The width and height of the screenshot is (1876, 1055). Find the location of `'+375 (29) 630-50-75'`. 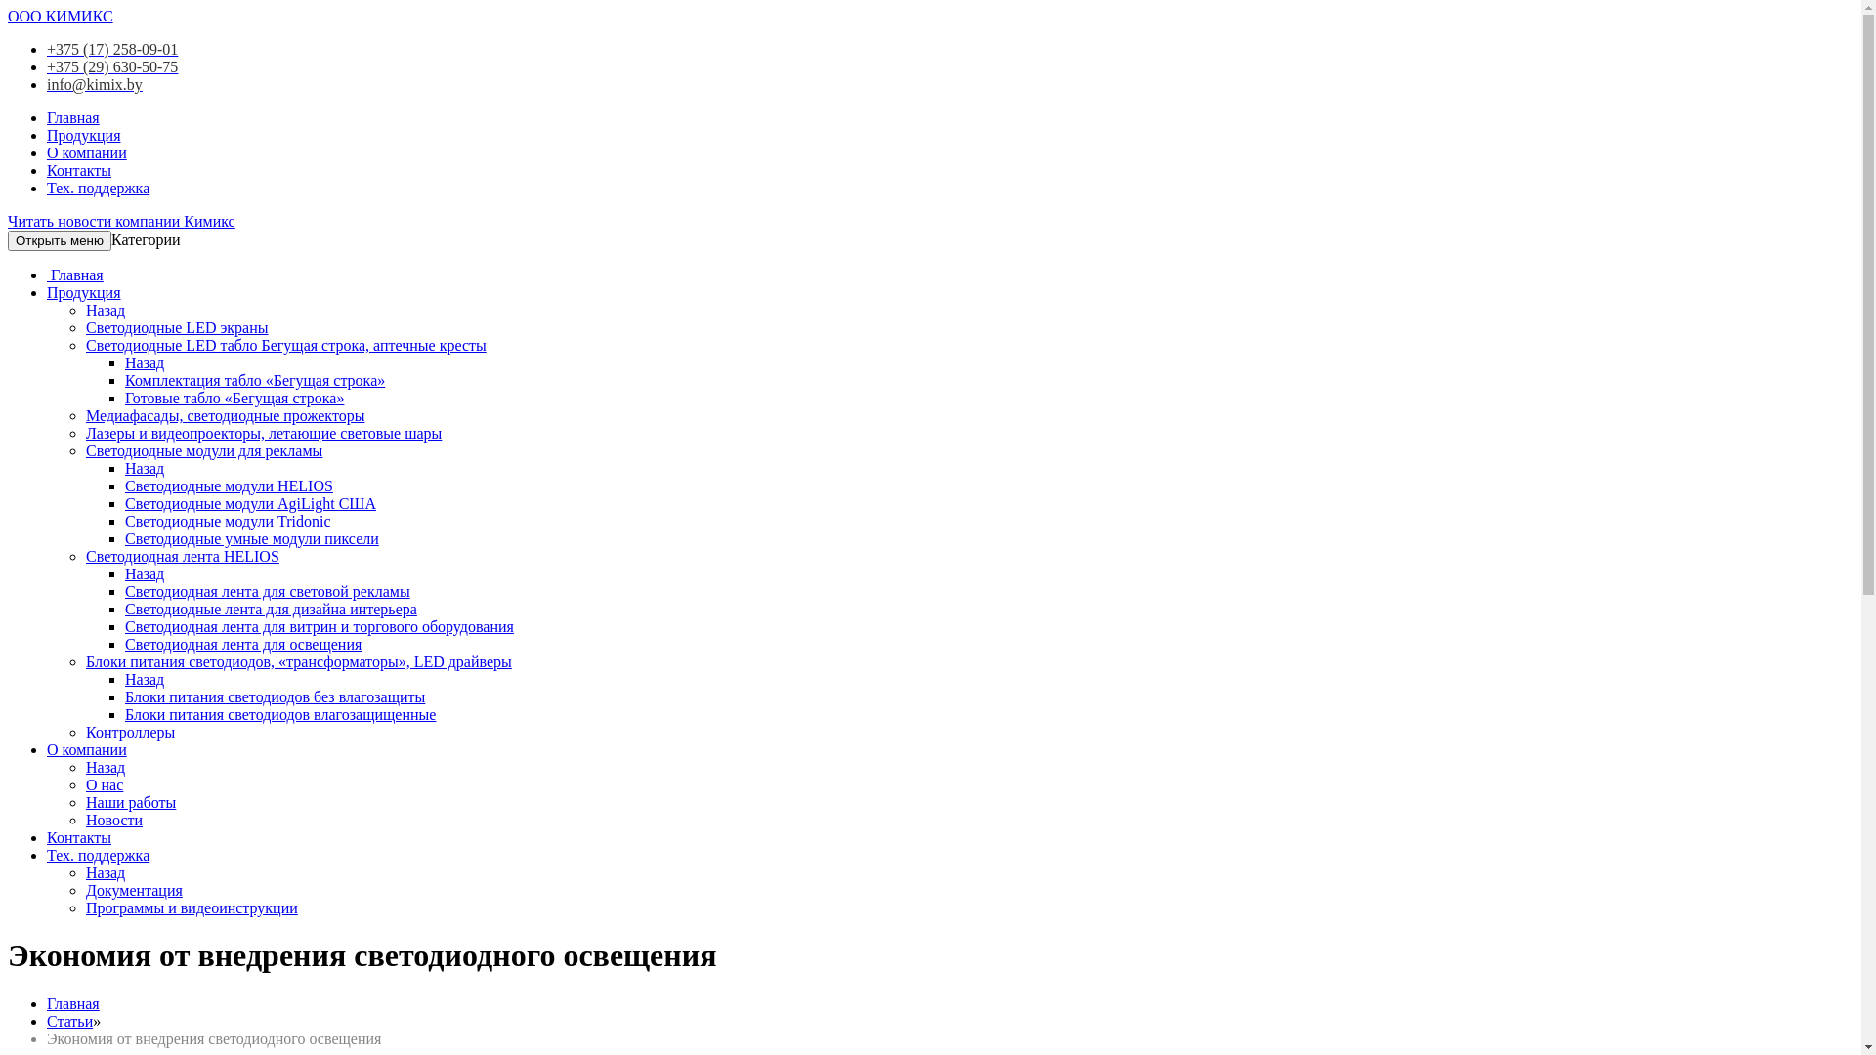

'+375 (29) 630-50-75' is located at coordinates (111, 65).